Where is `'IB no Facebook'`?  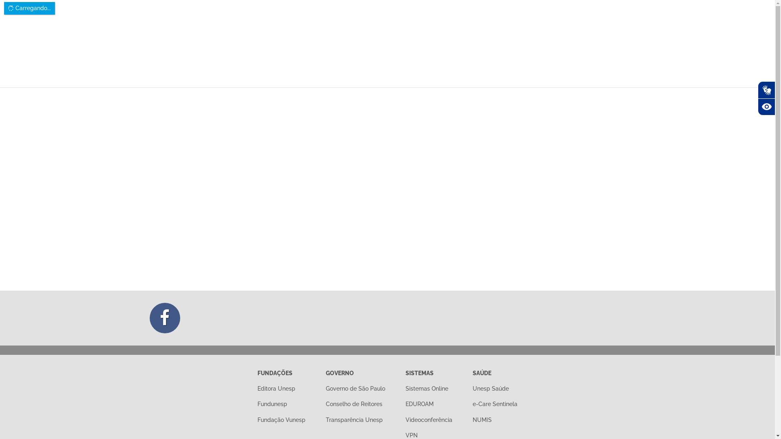
'IB no Facebook' is located at coordinates (164, 317).